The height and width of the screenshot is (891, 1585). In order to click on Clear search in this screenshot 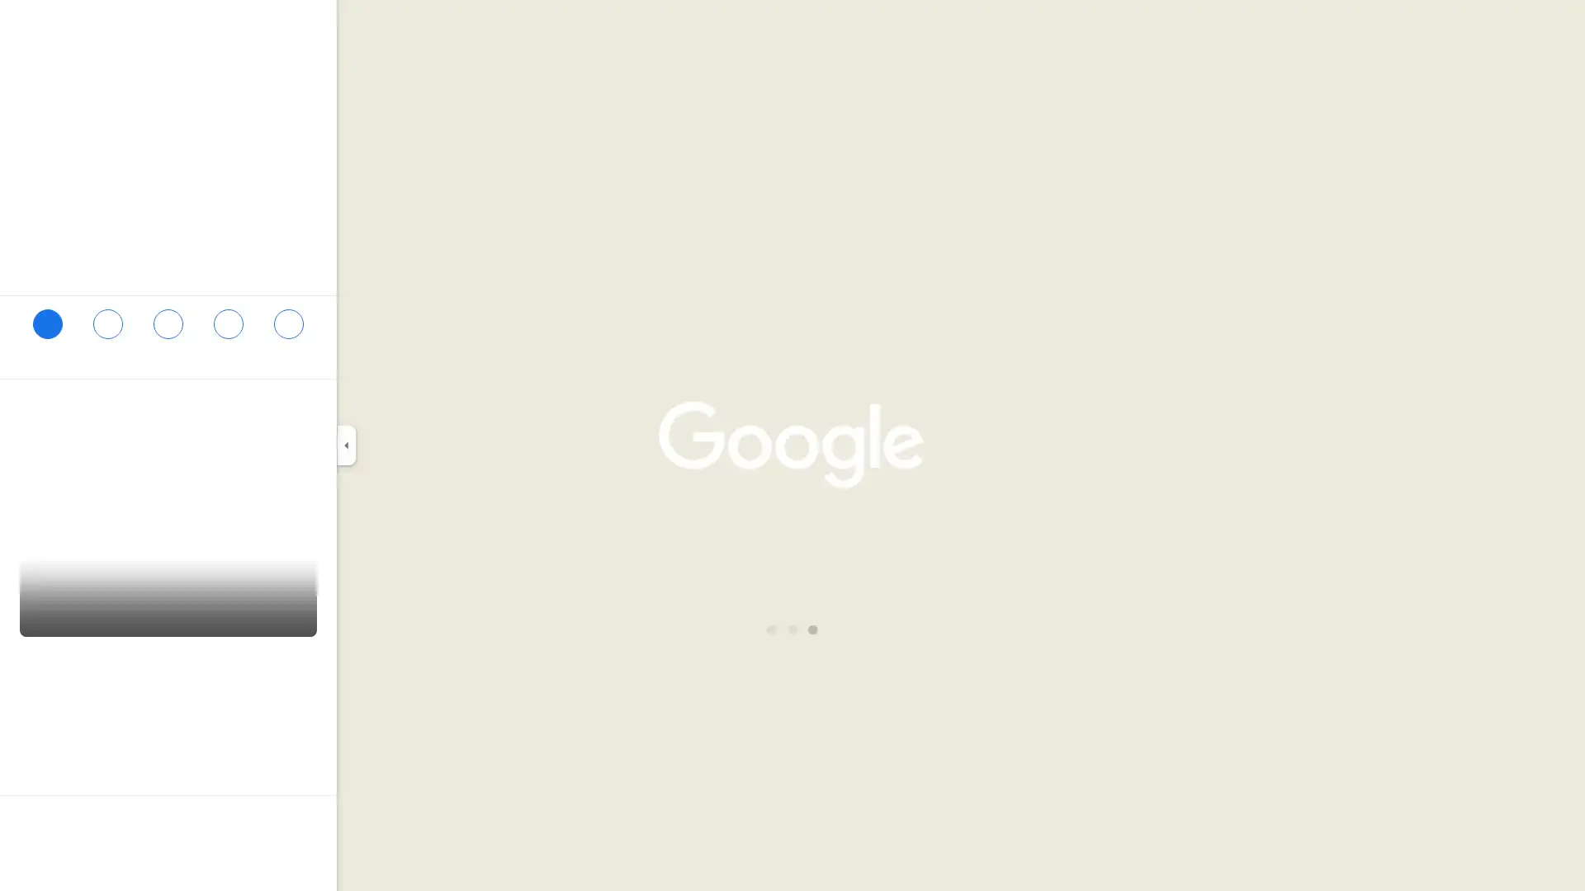, I will do `click(308, 26)`.